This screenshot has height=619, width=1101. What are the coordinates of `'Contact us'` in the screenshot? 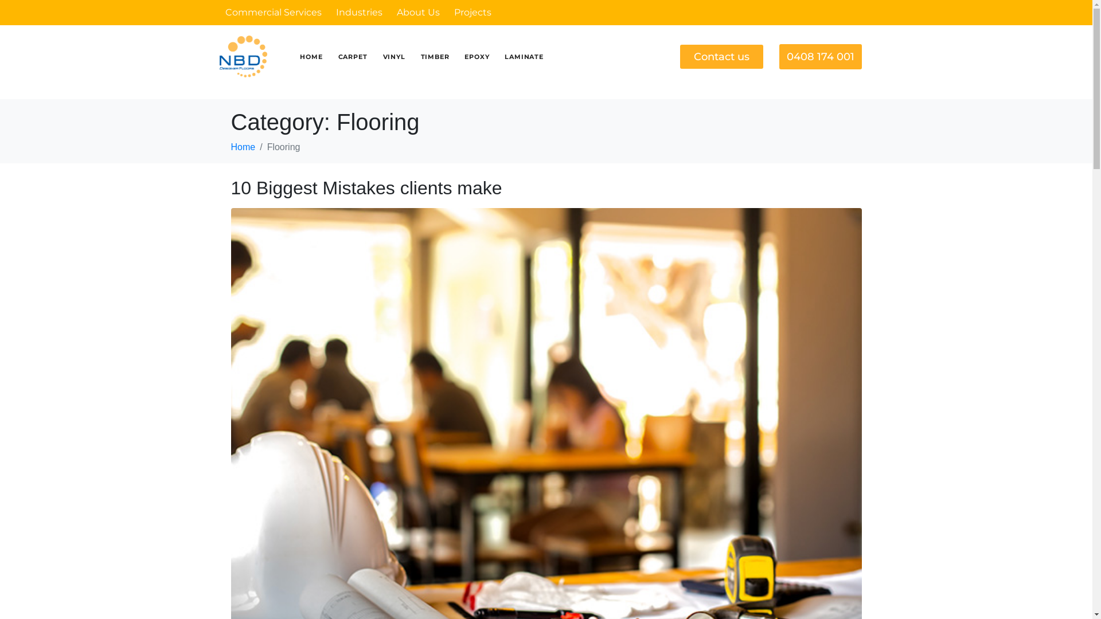 It's located at (721, 57).